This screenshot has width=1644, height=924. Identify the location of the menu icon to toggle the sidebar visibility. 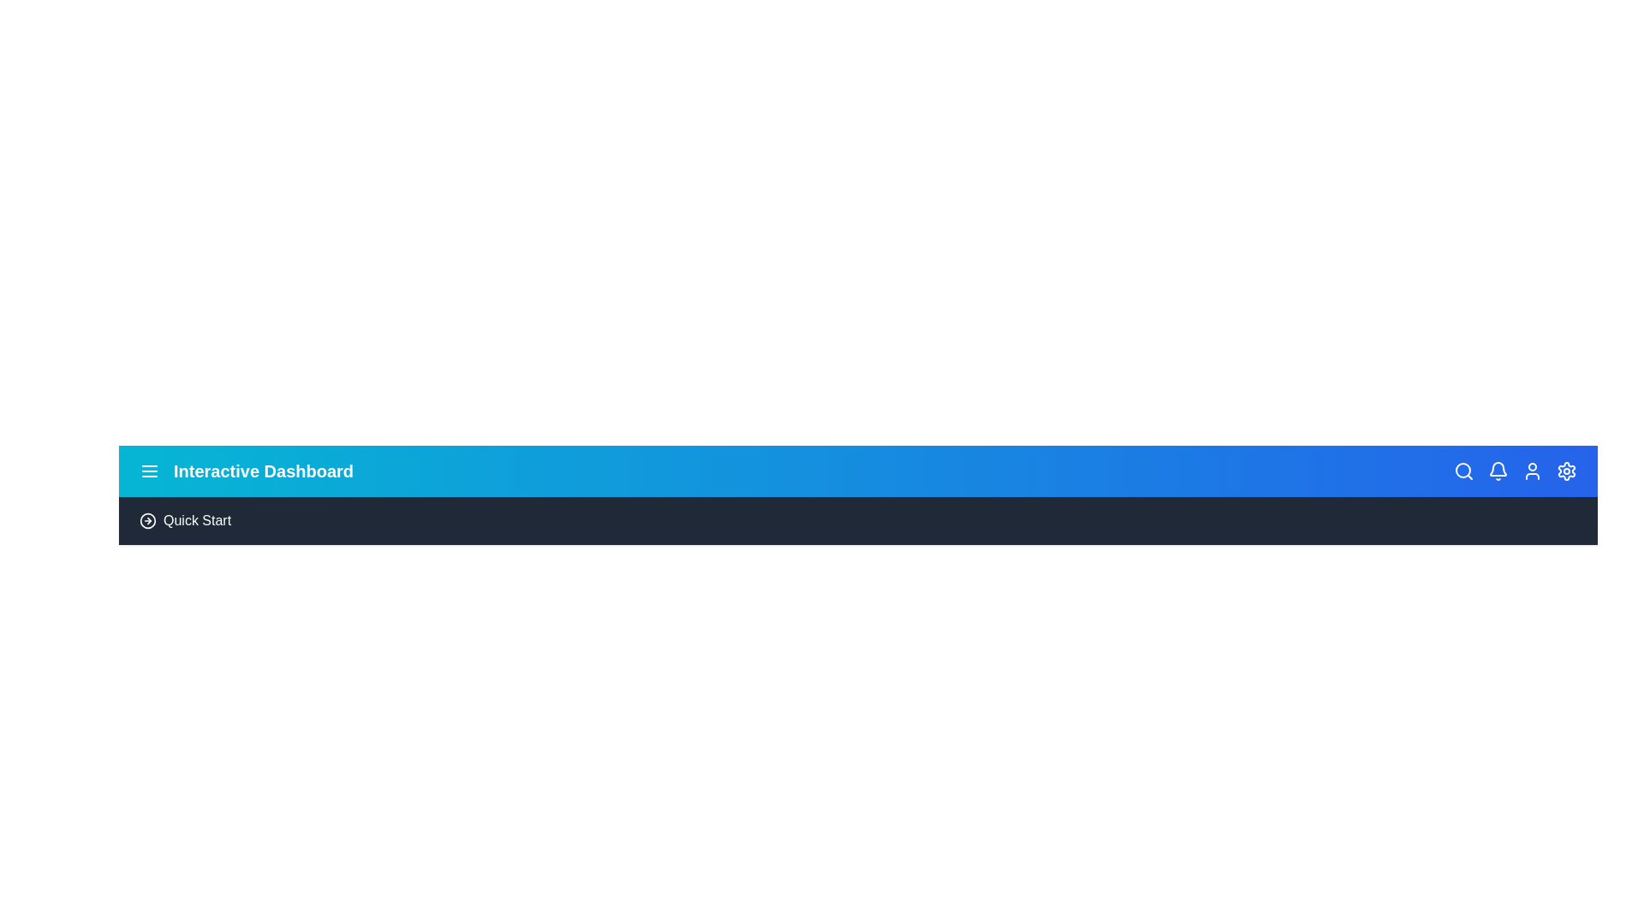
(149, 471).